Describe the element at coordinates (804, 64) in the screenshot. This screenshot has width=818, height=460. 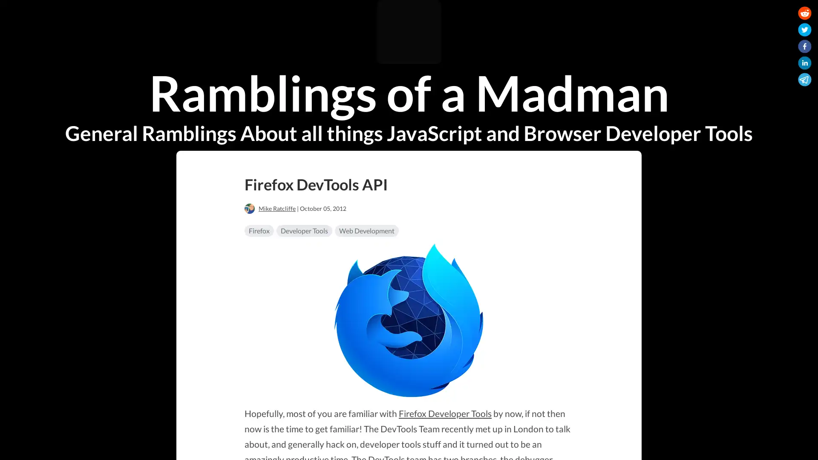
I see `linkedin` at that location.